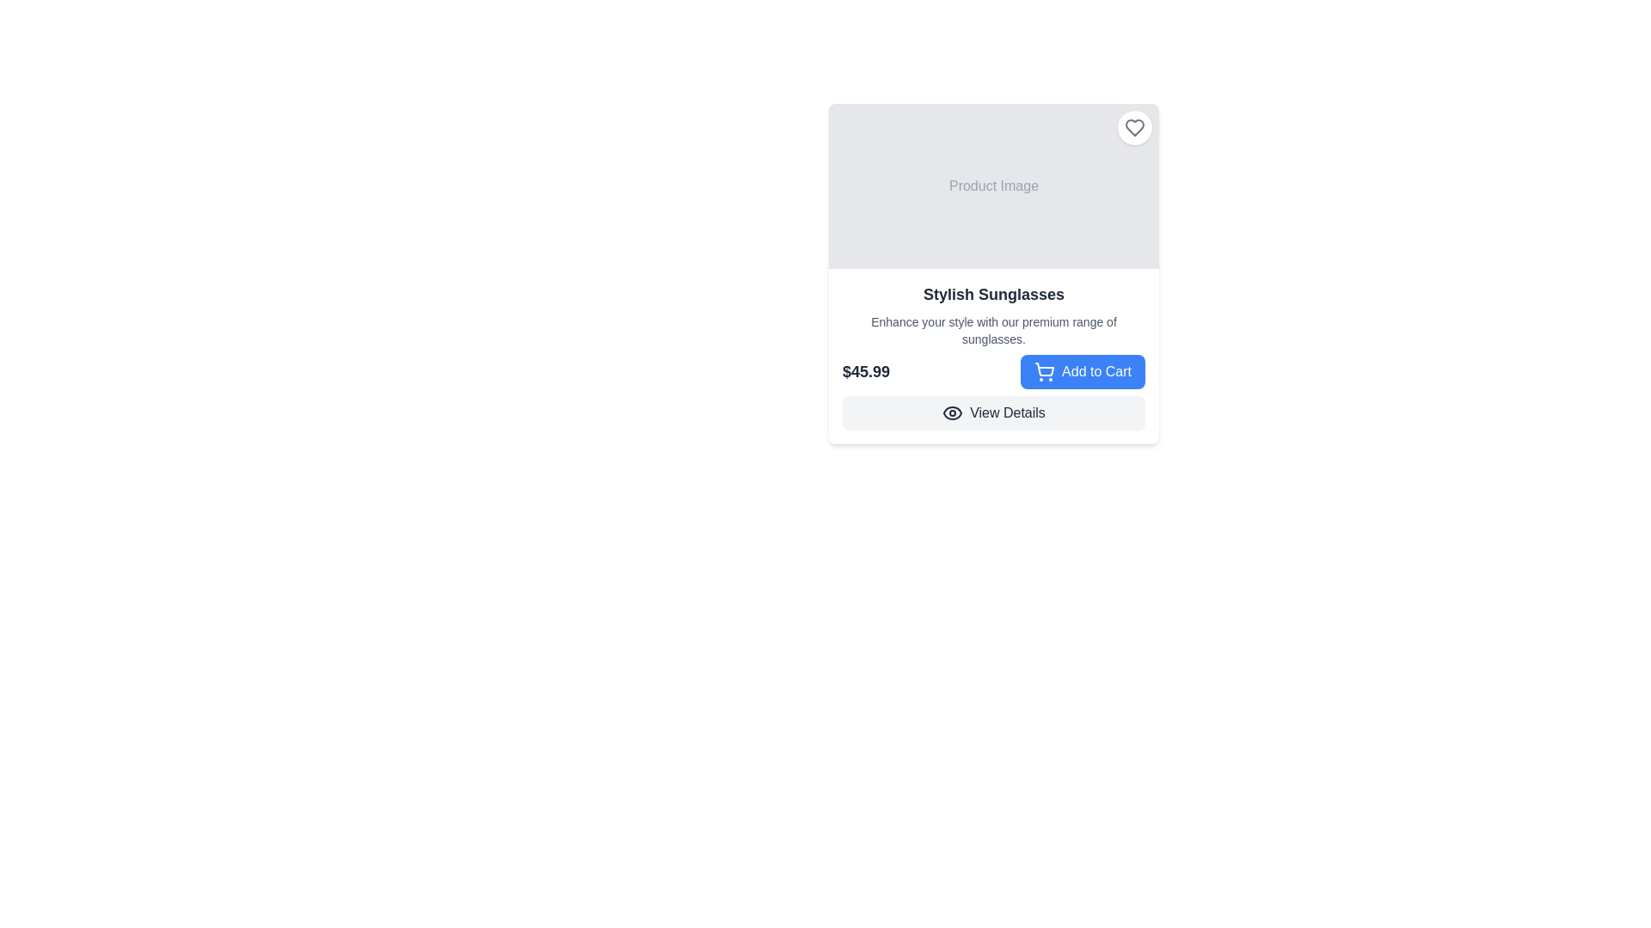 This screenshot has width=1651, height=928. Describe the element at coordinates (952, 413) in the screenshot. I see `the 'View Details' button by clicking on the eye icon located at the left margin of the button` at that location.